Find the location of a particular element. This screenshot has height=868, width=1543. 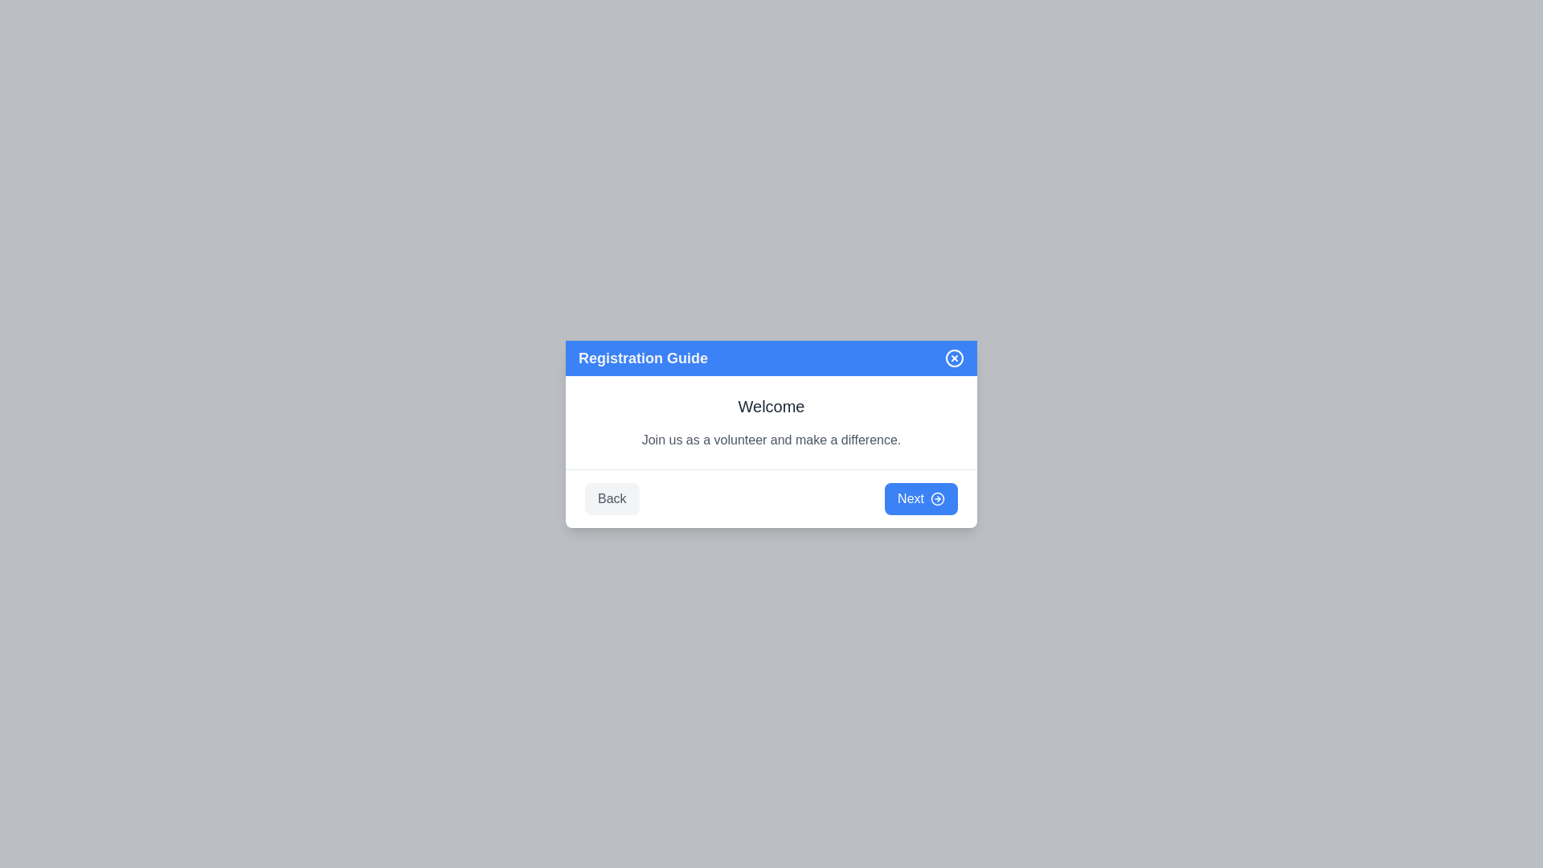

the blue and white circle icon located to the right of the 'Next' button in the 'Registration Guide' interface to interact with it is located at coordinates (937, 498).